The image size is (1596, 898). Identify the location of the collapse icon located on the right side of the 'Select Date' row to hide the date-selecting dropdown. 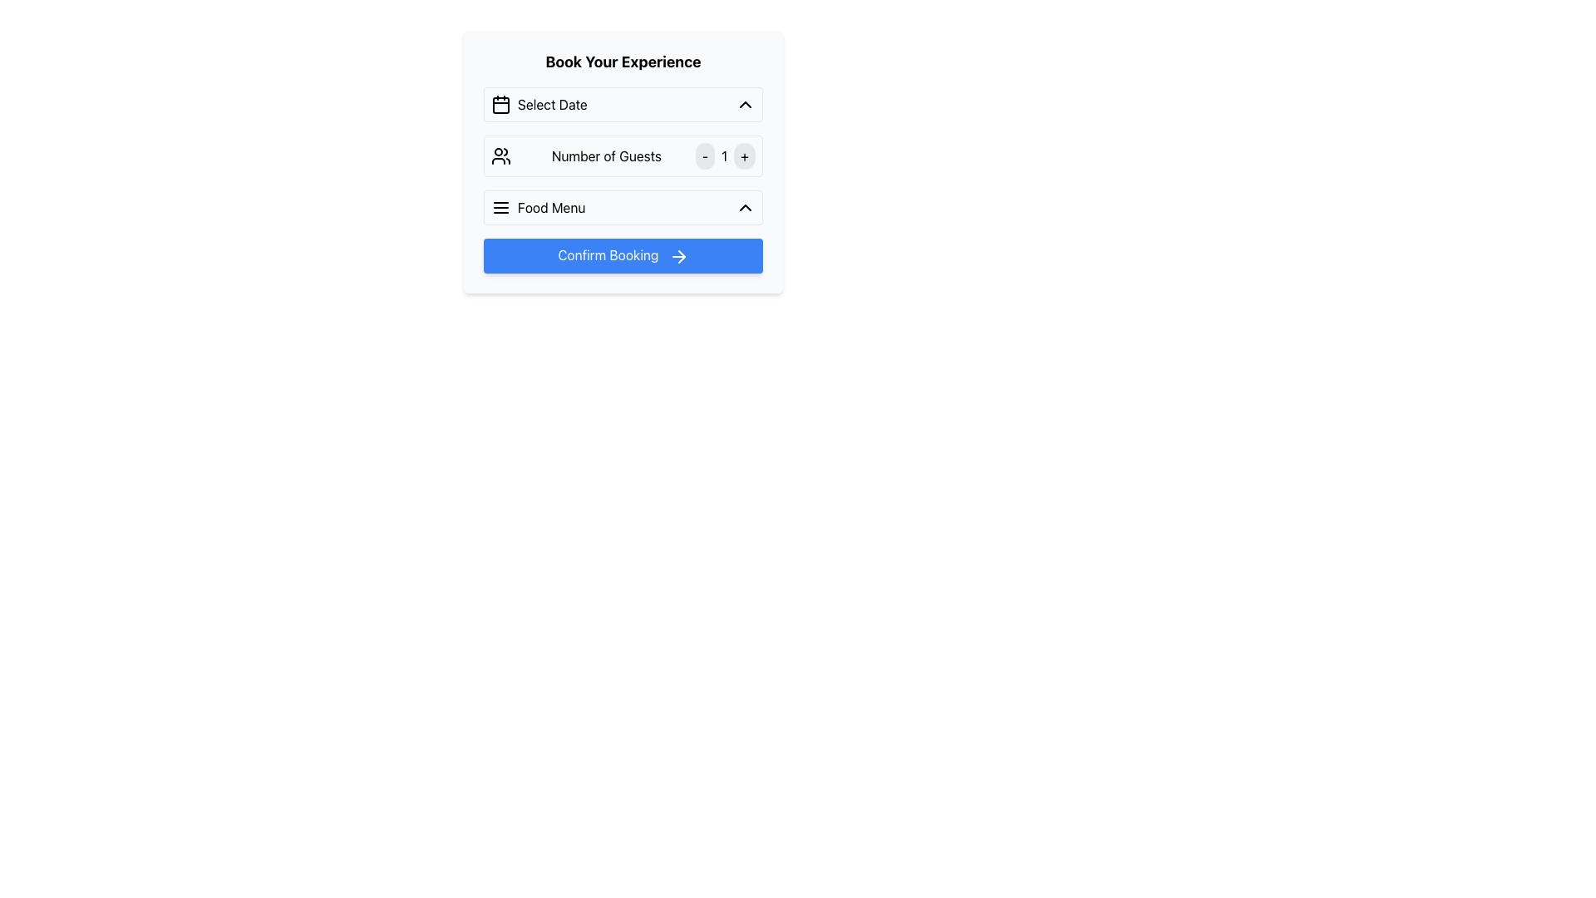
(745, 105).